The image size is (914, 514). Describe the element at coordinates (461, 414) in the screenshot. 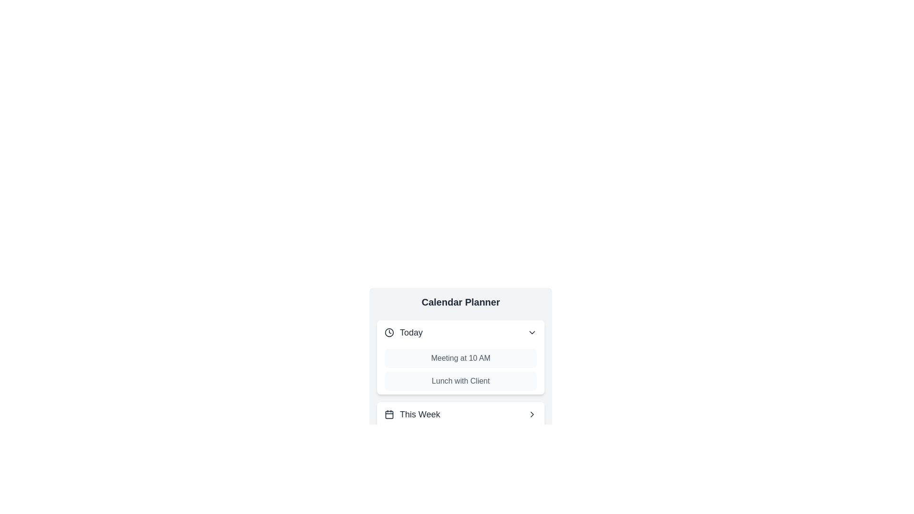

I see `the header of the category This Week to toggle its expanded or collapsed state` at that location.